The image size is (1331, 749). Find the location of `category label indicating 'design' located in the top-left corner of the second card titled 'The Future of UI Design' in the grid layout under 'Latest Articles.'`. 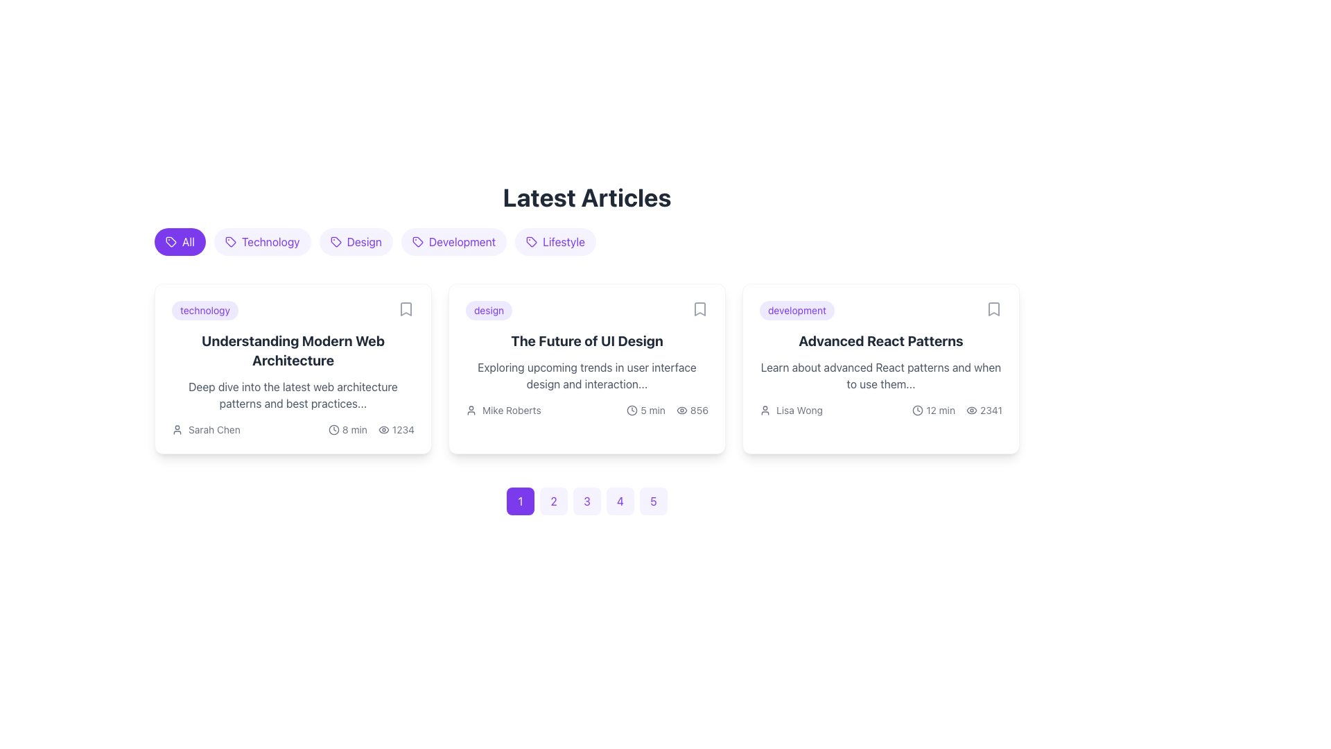

category label indicating 'design' located in the top-left corner of the second card titled 'The Future of UI Design' in the grid layout under 'Latest Articles.' is located at coordinates (489, 309).